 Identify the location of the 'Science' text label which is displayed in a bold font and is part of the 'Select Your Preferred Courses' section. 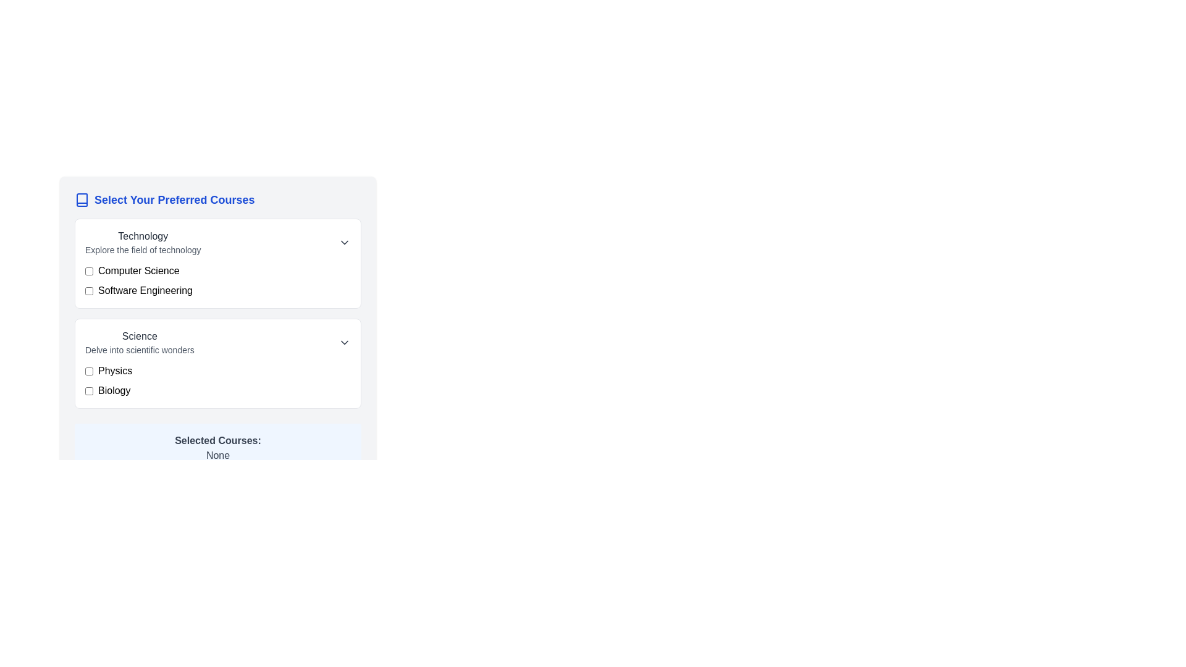
(140, 336).